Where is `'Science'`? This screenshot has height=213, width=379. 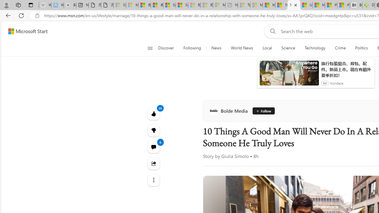
'Science' is located at coordinates (288, 48).